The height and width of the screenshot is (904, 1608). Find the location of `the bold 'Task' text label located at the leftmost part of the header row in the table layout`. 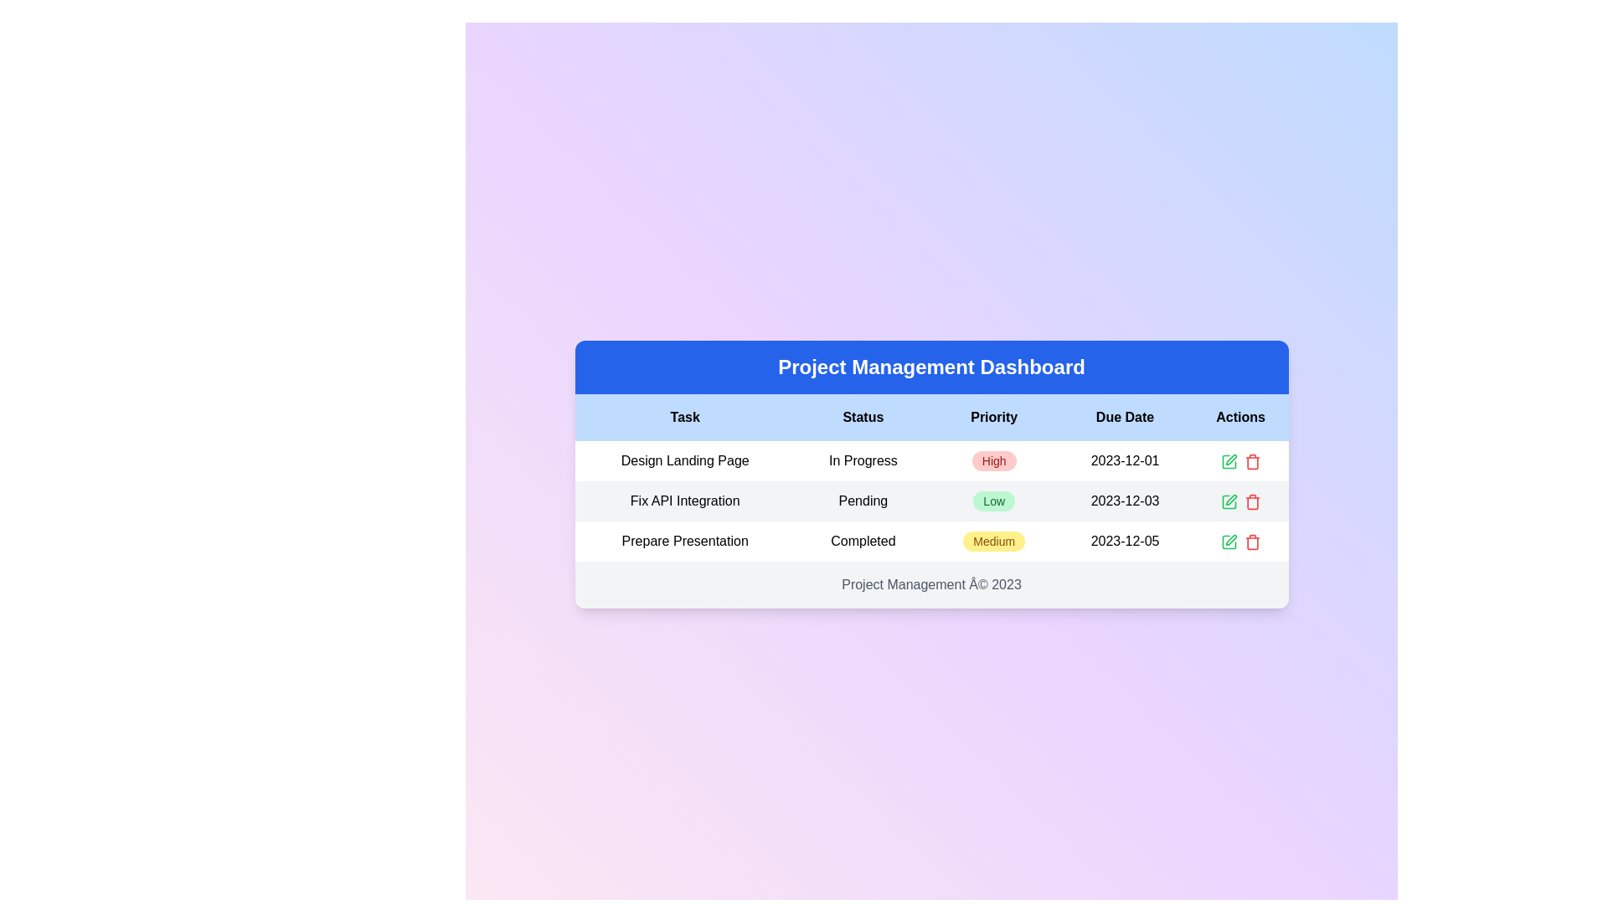

the bold 'Task' text label located at the leftmost part of the header row in the table layout is located at coordinates (685, 416).